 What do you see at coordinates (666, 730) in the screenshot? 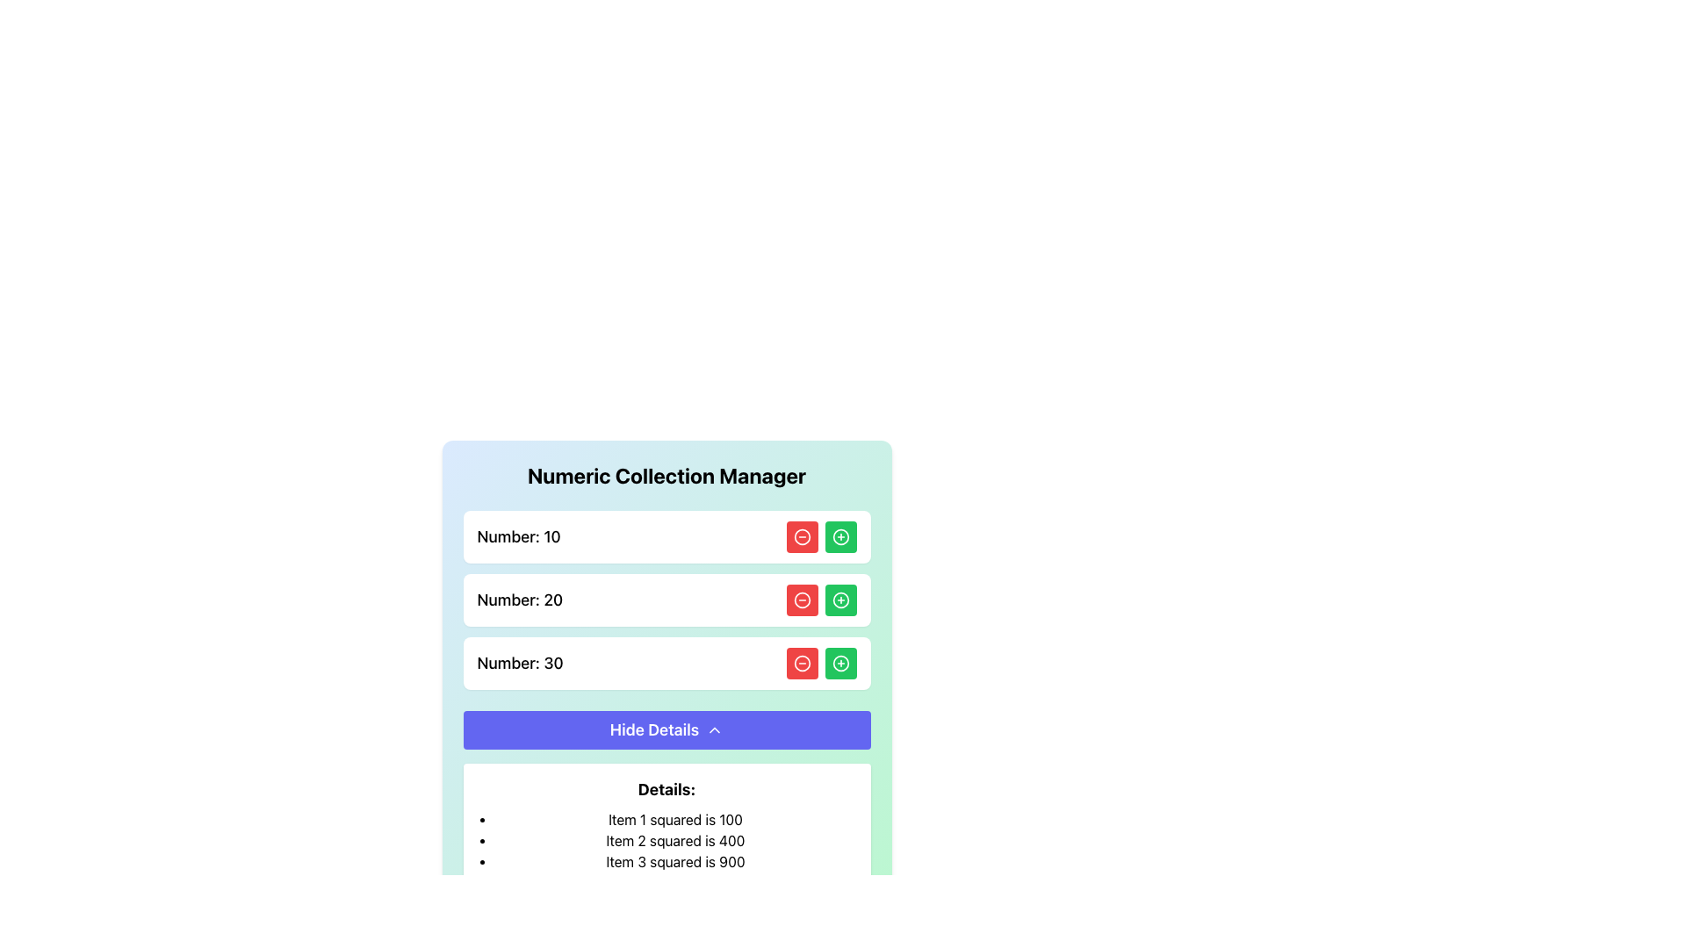
I see `the button that toggles the visibility of the detailed information section located centrally below a list of numbered items (10, 20, 30)` at bounding box center [666, 730].